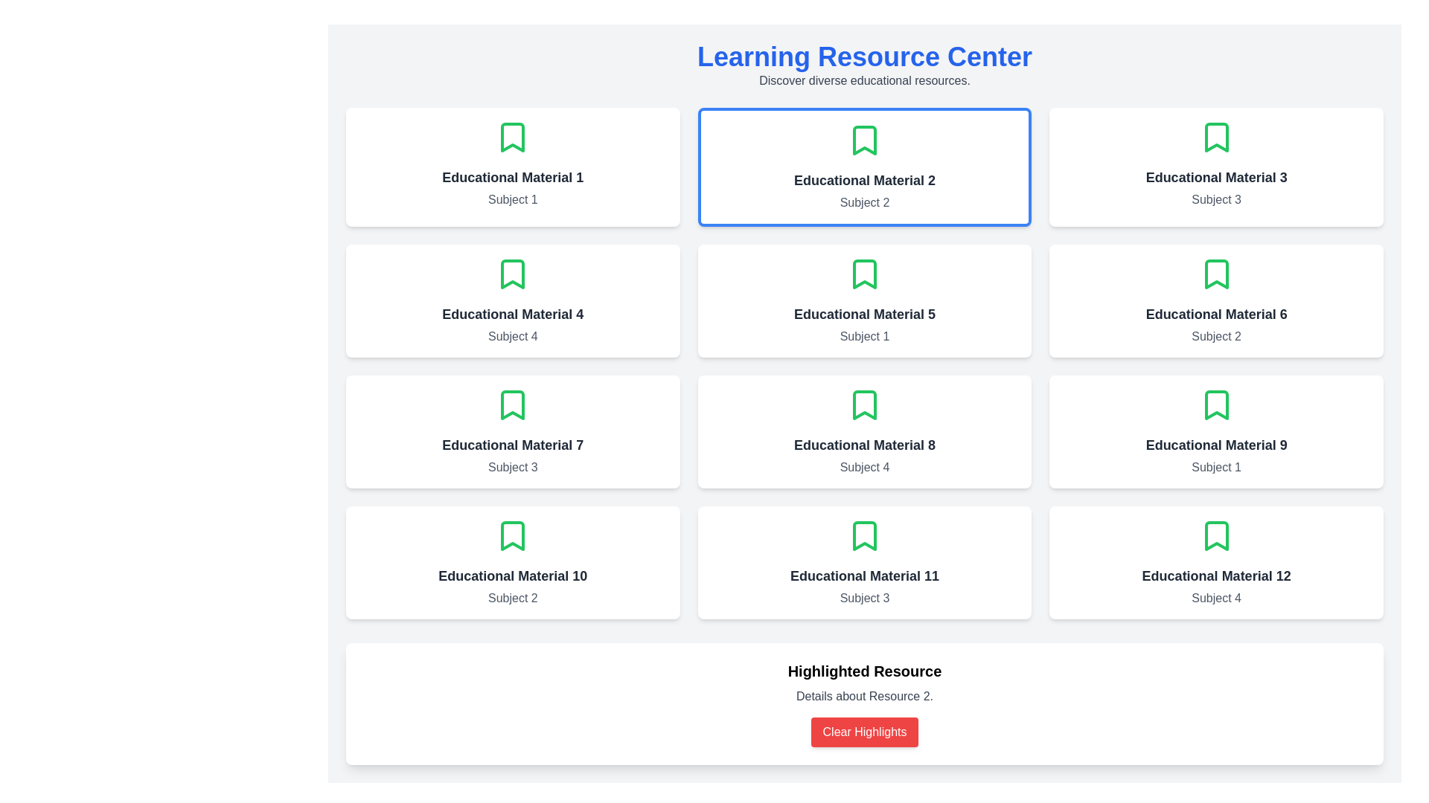 This screenshot has height=803, width=1429. Describe the element at coordinates (864, 65) in the screenshot. I see `text displayed in the 'Learning Resource Center' element, which includes the heading and the paragraph underneath` at that location.